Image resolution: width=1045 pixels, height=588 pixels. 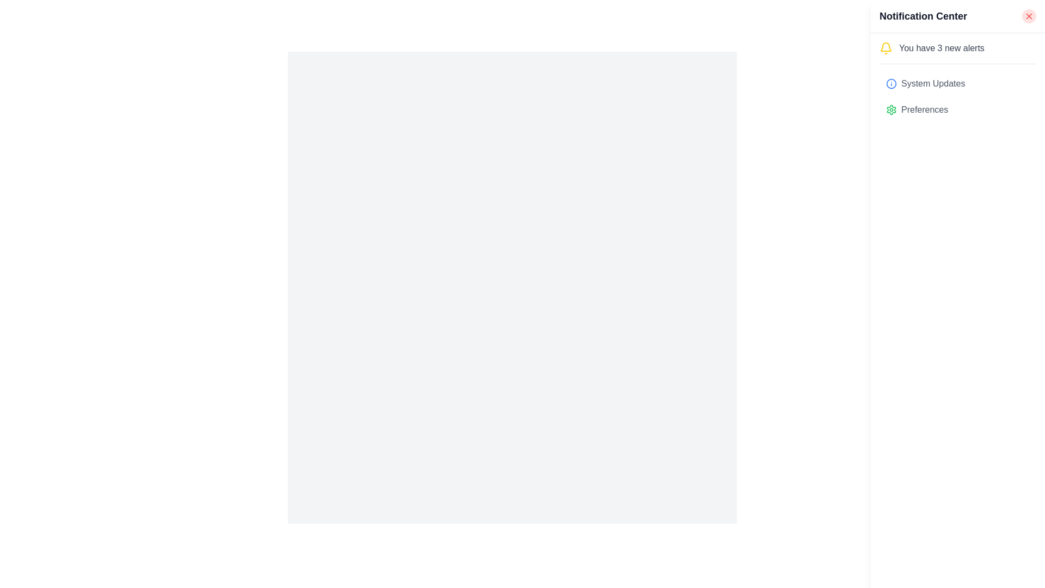 What do you see at coordinates (886, 47) in the screenshot?
I see `the visual notification indicator icon located on the far left side of the section labeled 'You have 3 new alerts' to assume it represents an alert visually` at bounding box center [886, 47].